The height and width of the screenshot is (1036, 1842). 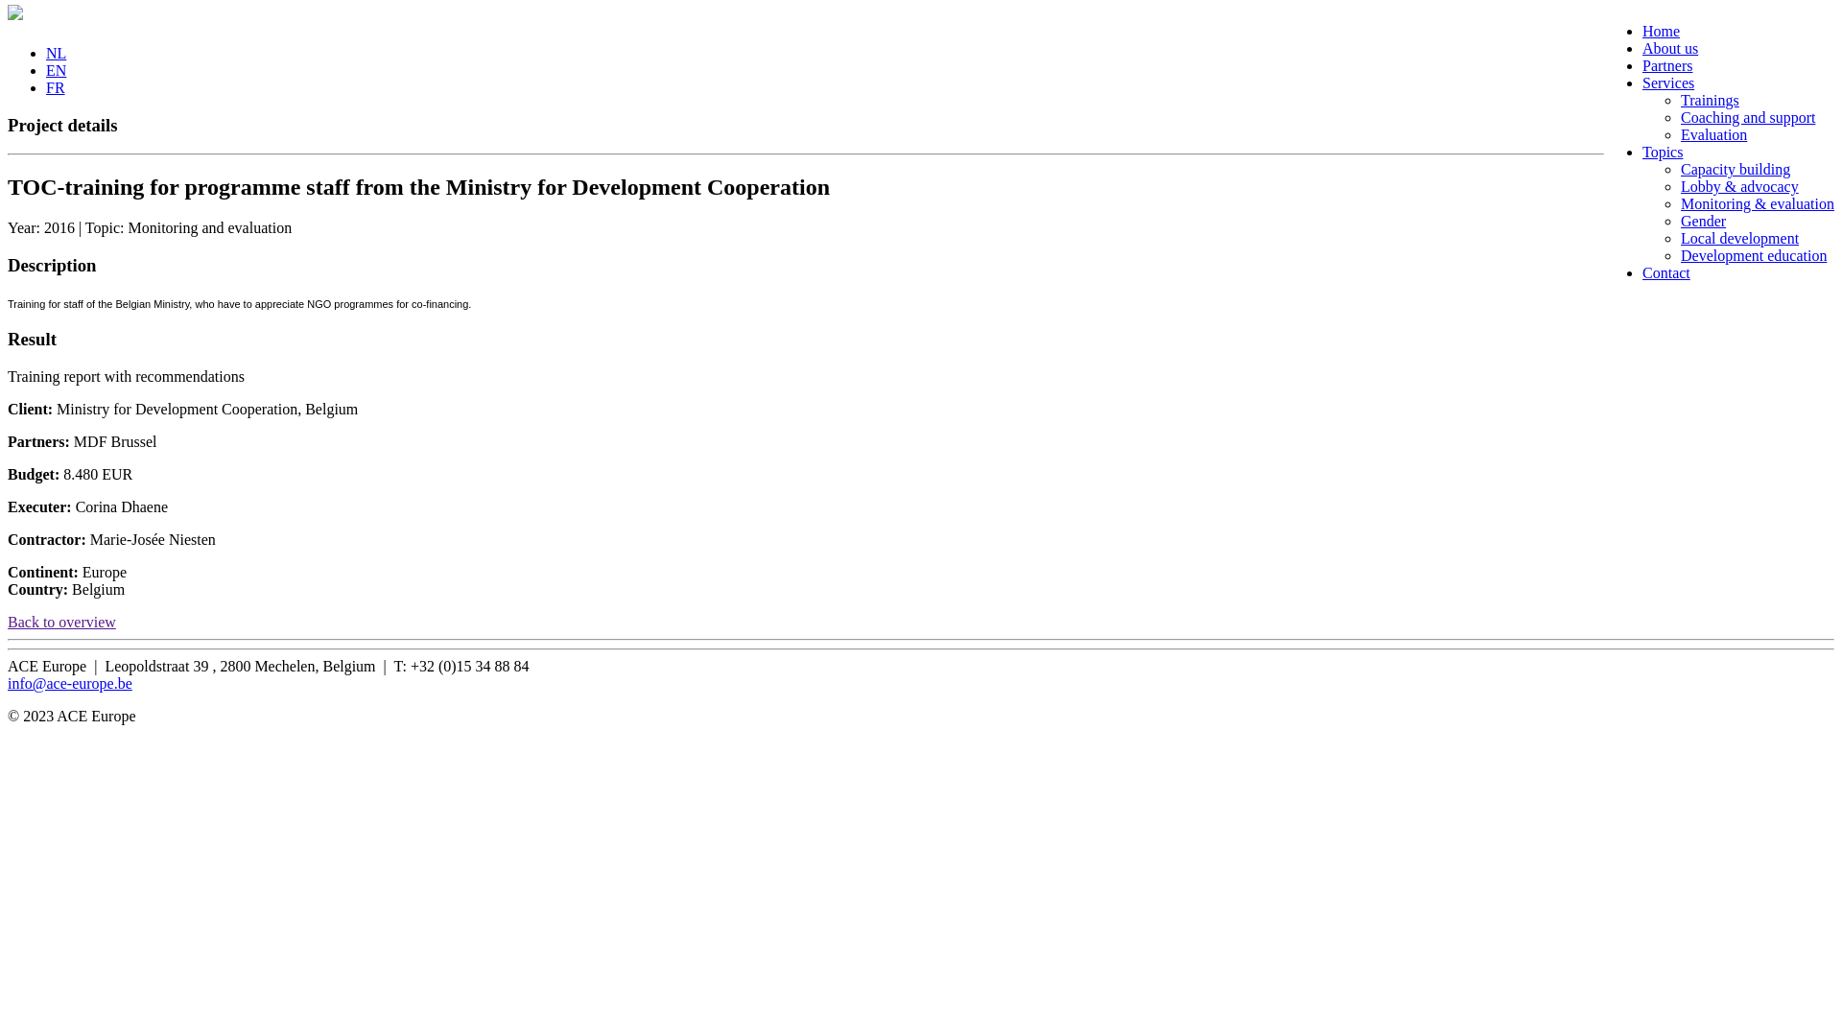 I want to click on 'Monitoring & evaluation', so click(x=1758, y=203).